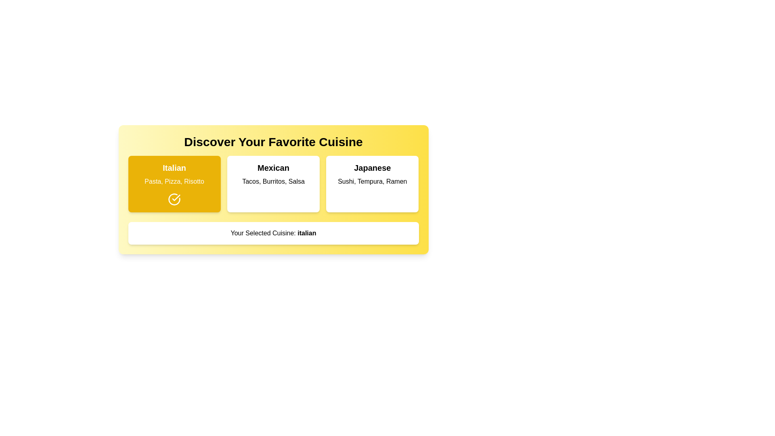 The image size is (775, 436). Describe the element at coordinates (174, 174) in the screenshot. I see `contents of the text label displaying 'Italian' as a bold heading and 'Pasta, Pizza, Risotto' as regular text, located inside a yellow background box with rounded corners in the top-left card` at that location.